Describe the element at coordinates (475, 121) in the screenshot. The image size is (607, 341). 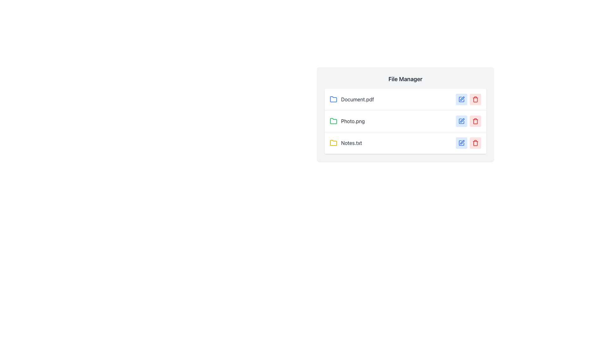
I see `the rounded red button with a trash can icon located on the far right side of the row for 'Photo.png' in the File Manager section` at that location.